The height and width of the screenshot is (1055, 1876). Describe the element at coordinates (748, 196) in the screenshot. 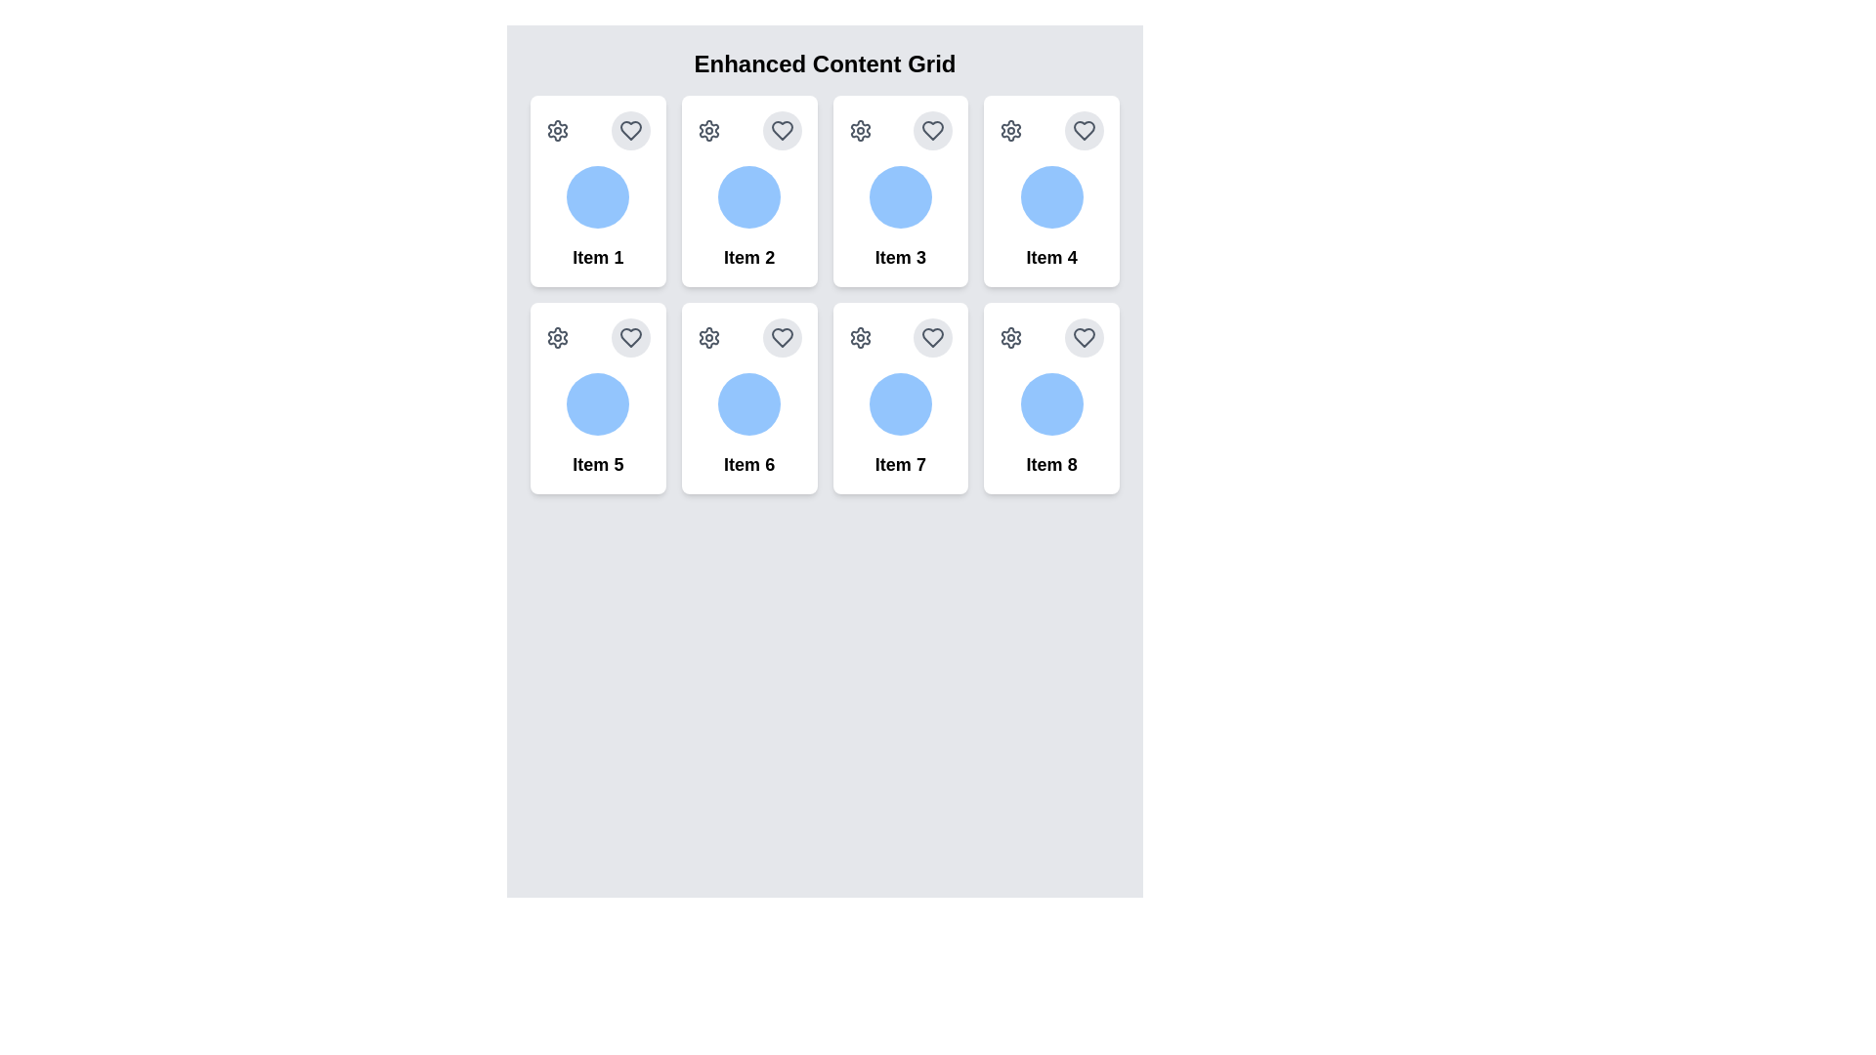

I see `the circular blue Decorative UI component located within the 'Item 2' card, positioned in the top row and second column of the grid layout` at that location.